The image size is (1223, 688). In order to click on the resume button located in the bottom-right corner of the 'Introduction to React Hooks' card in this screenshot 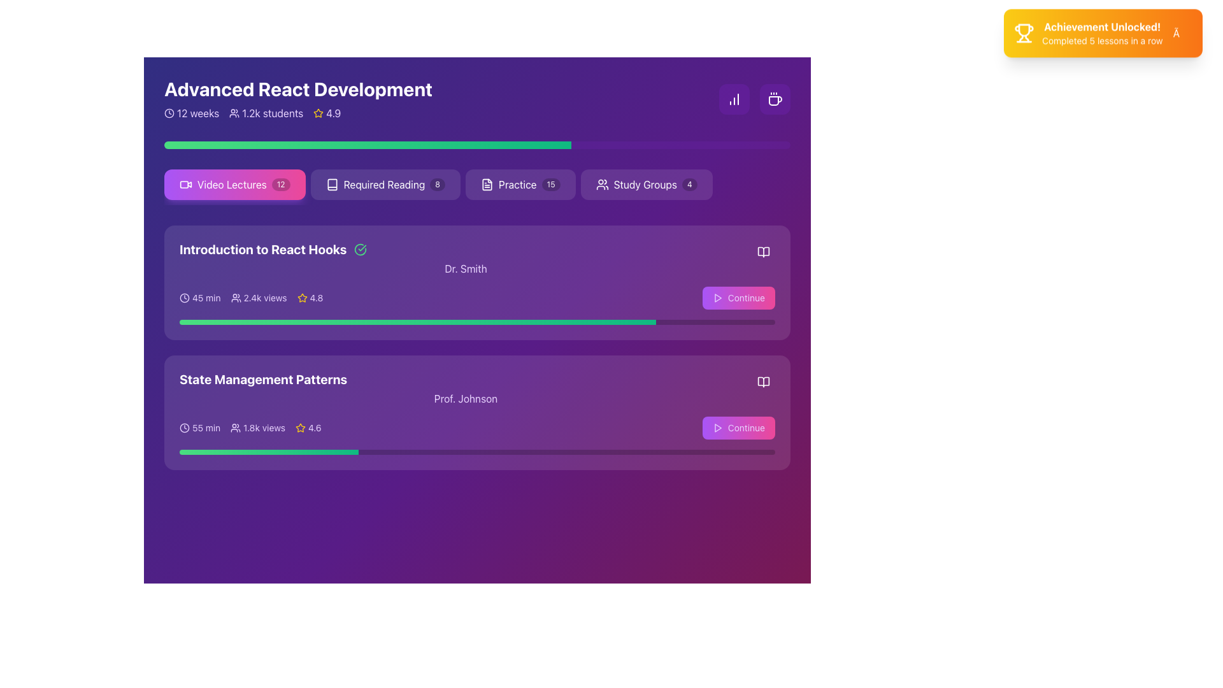, I will do `click(738, 297)`.